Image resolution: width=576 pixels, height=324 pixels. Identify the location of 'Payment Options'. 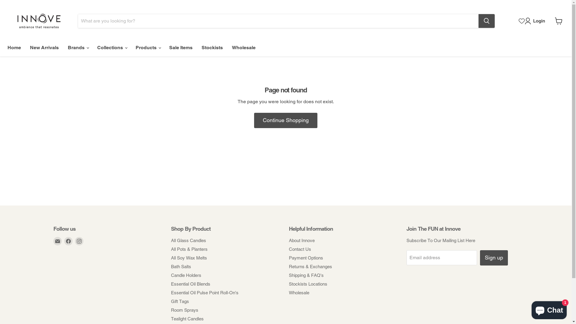
(305, 257).